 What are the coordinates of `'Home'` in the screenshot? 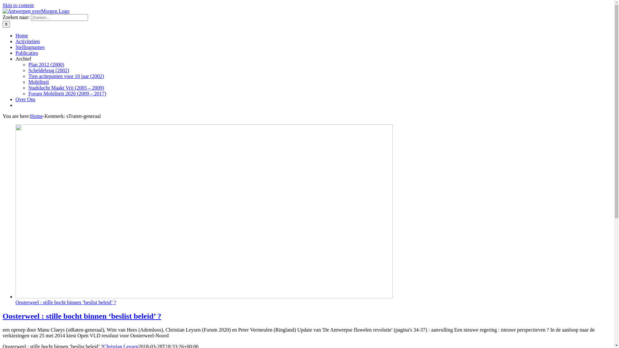 It's located at (36, 116).